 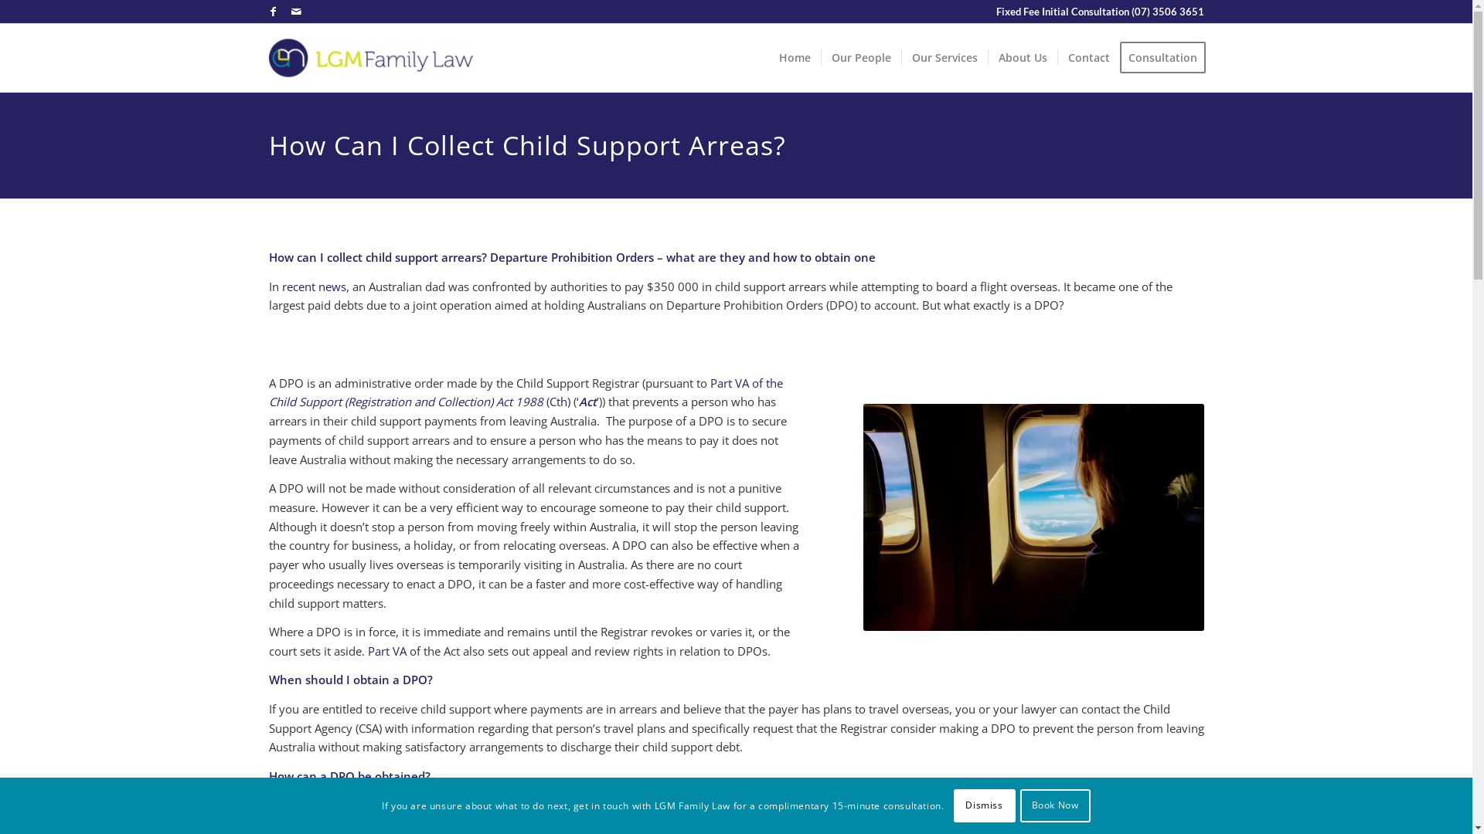 What do you see at coordinates (272, 12) in the screenshot?
I see `'Facebook'` at bounding box center [272, 12].